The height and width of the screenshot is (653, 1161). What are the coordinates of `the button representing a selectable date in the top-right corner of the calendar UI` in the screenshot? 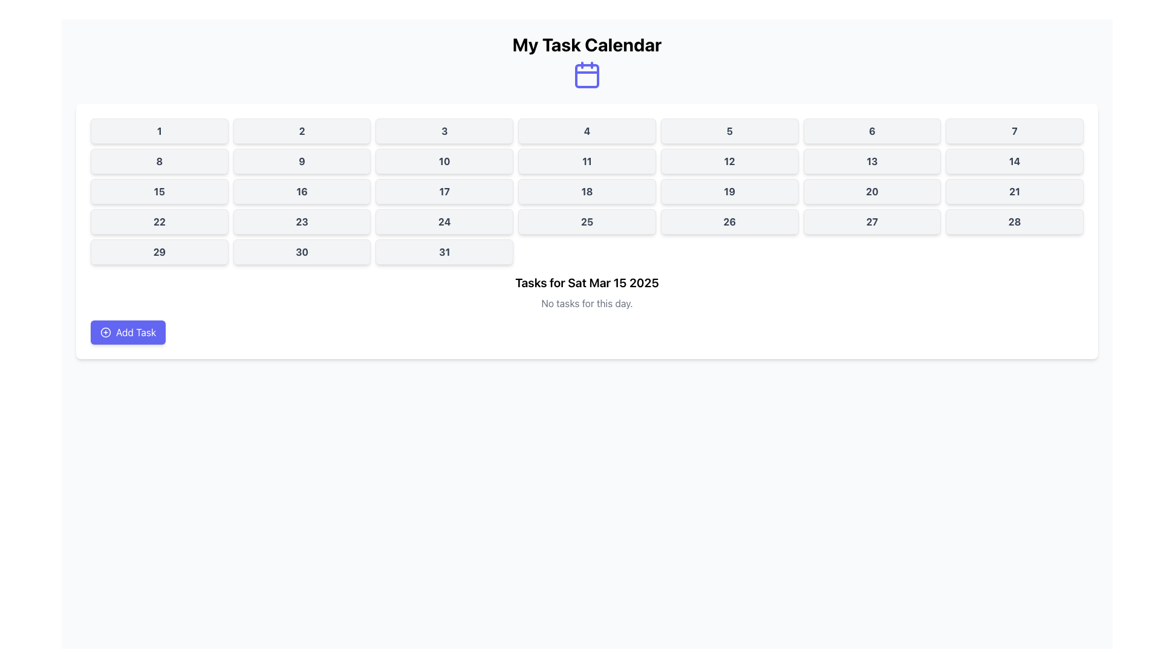 It's located at (1015, 131).